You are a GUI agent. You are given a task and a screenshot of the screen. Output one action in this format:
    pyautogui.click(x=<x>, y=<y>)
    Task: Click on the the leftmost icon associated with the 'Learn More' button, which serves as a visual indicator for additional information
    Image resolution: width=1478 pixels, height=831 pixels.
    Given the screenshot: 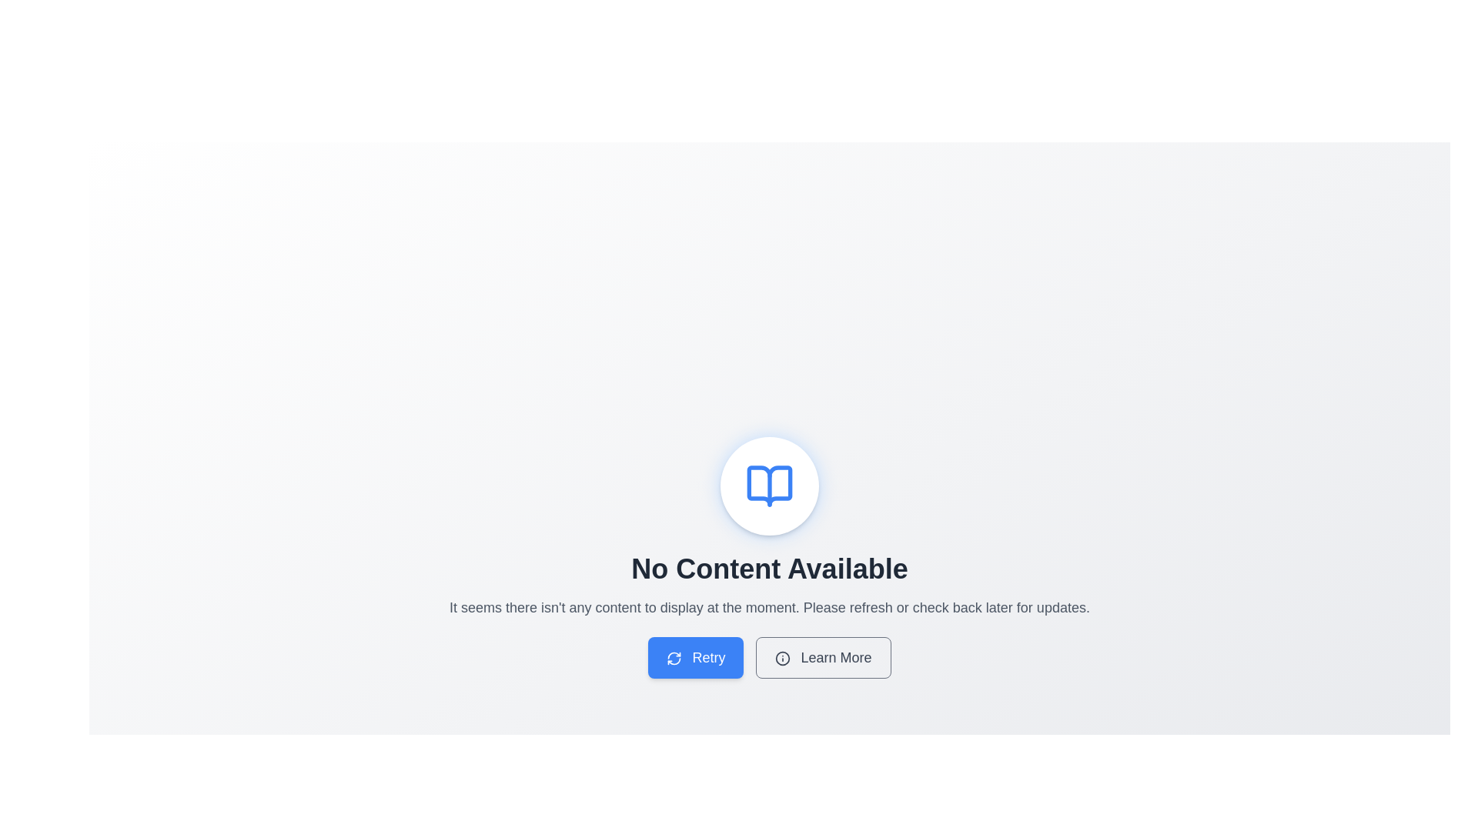 What is the action you would take?
    pyautogui.click(x=783, y=658)
    